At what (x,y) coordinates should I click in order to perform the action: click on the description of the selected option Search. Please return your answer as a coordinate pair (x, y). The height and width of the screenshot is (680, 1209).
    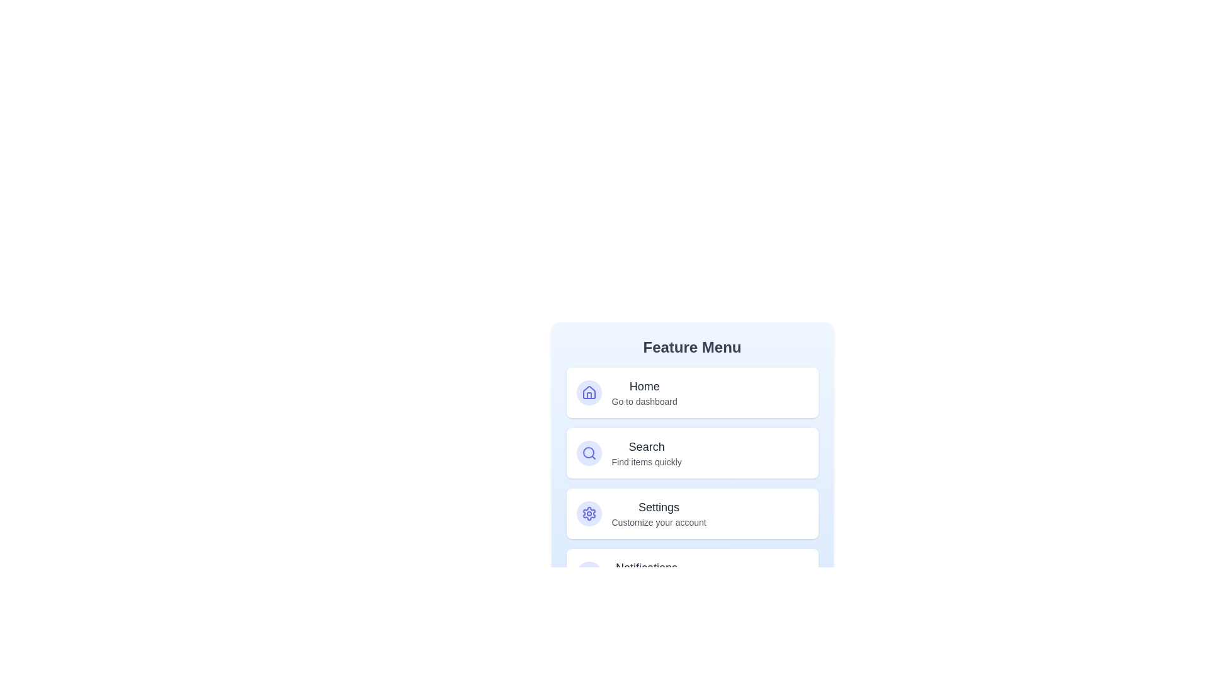
    Looking at the image, I should click on (647, 453).